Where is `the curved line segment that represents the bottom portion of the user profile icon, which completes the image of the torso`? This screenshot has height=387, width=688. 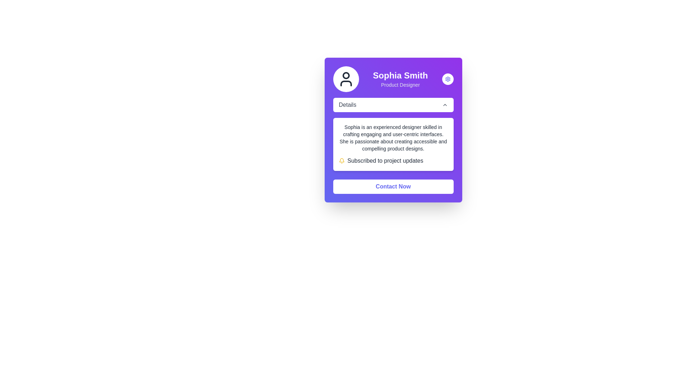
the curved line segment that represents the bottom portion of the user profile icon, which completes the image of the torso is located at coordinates (346, 83).